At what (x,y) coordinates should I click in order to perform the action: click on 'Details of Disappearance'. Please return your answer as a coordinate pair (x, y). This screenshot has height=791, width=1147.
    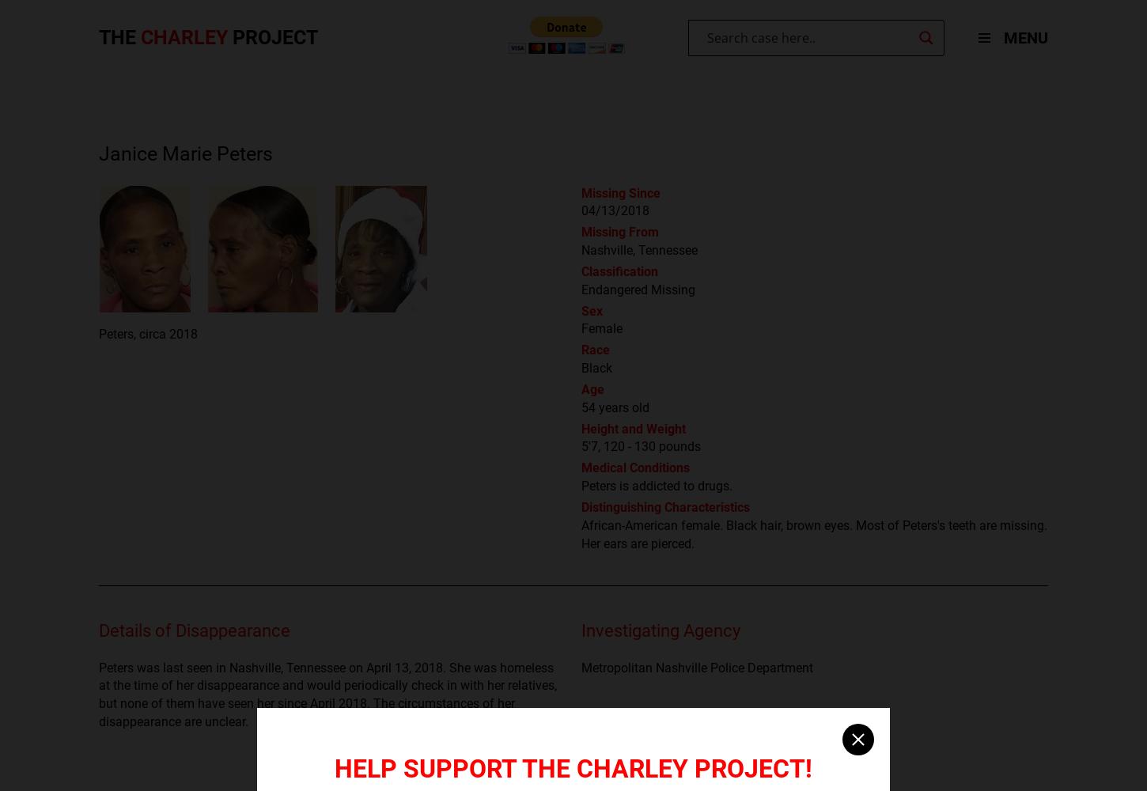
    Looking at the image, I should click on (195, 630).